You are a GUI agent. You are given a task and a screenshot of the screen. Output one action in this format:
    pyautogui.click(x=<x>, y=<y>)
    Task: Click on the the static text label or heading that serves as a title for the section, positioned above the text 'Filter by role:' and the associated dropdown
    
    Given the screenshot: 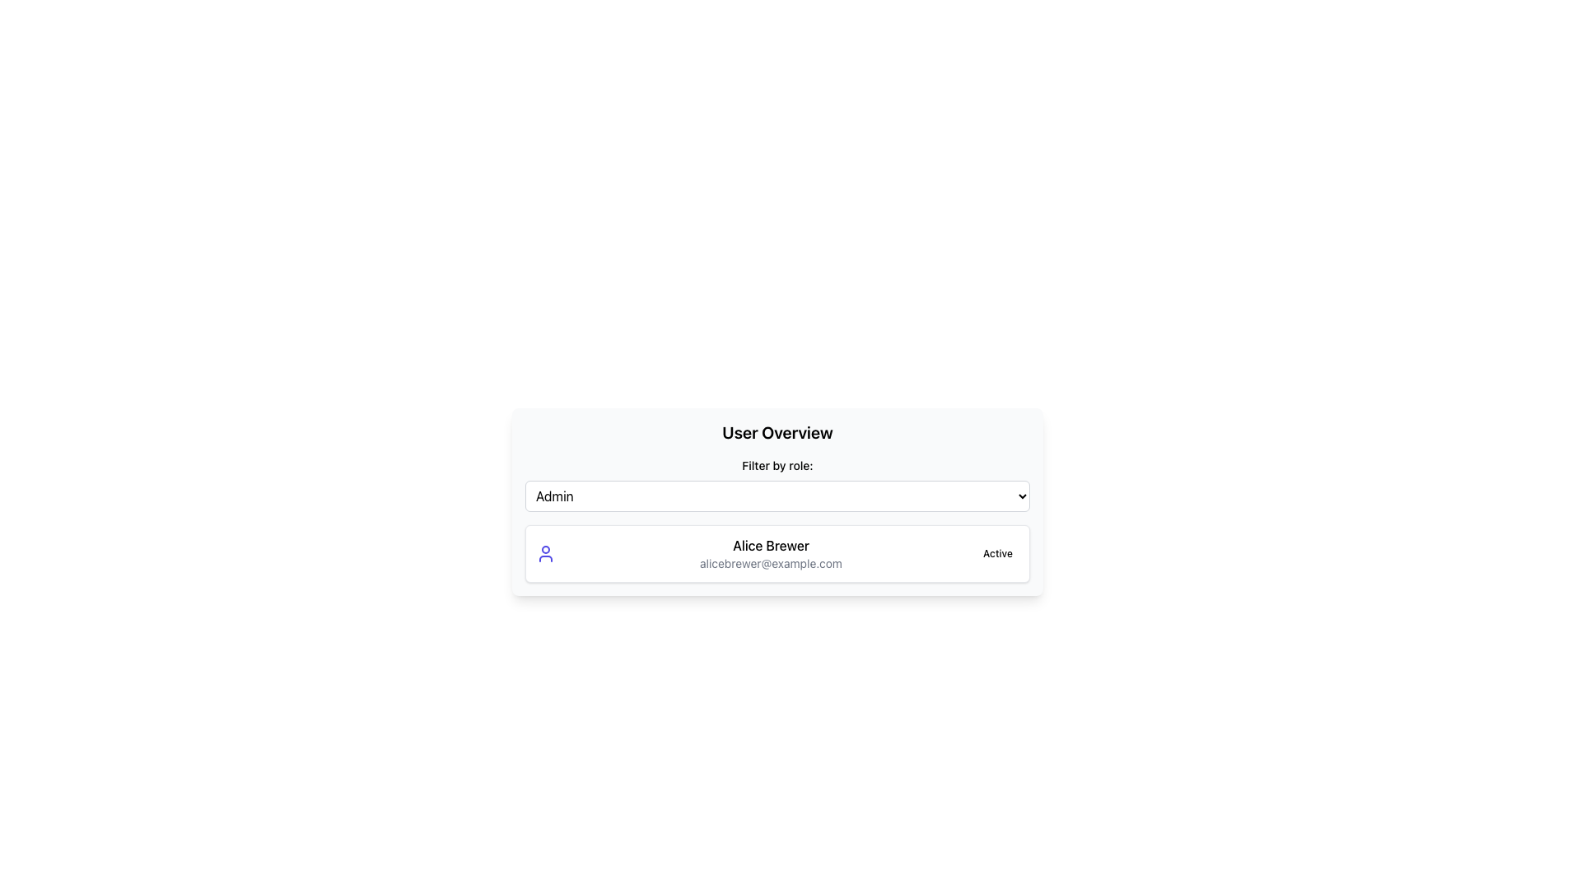 What is the action you would take?
    pyautogui.click(x=777, y=431)
    